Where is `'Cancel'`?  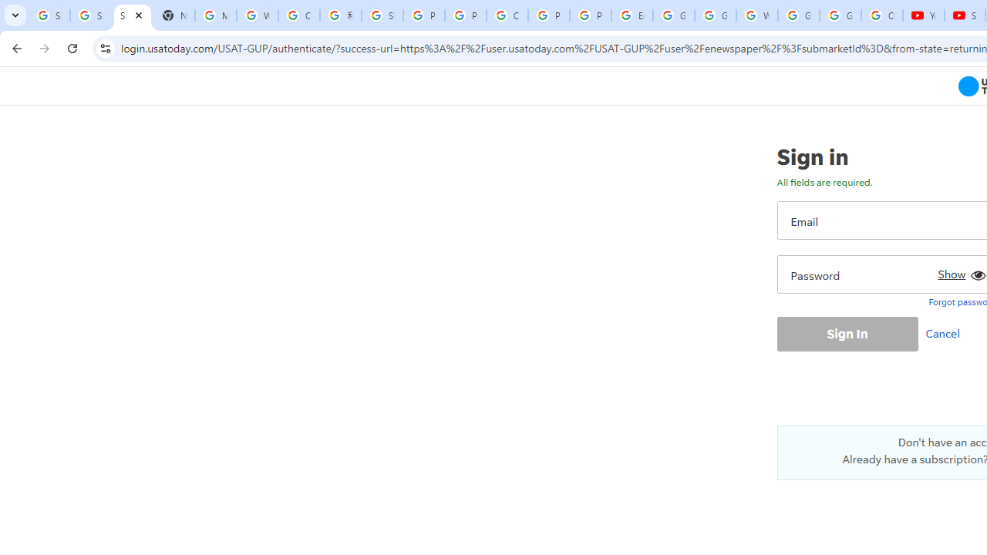
'Cancel' is located at coordinates (945, 332).